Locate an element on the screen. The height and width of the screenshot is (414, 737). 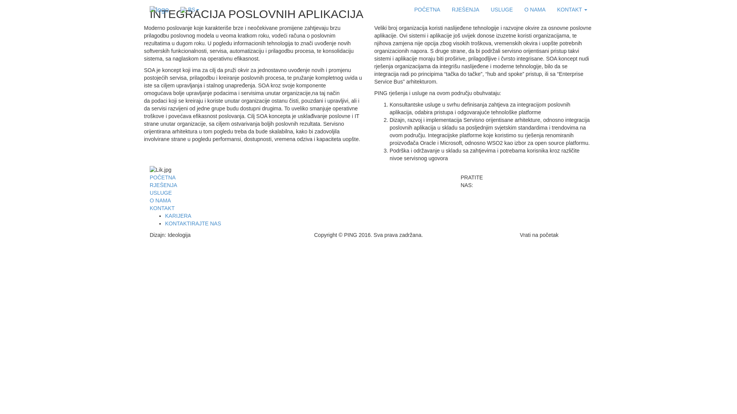
'USLUGE' is located at coordinates (501, 9).